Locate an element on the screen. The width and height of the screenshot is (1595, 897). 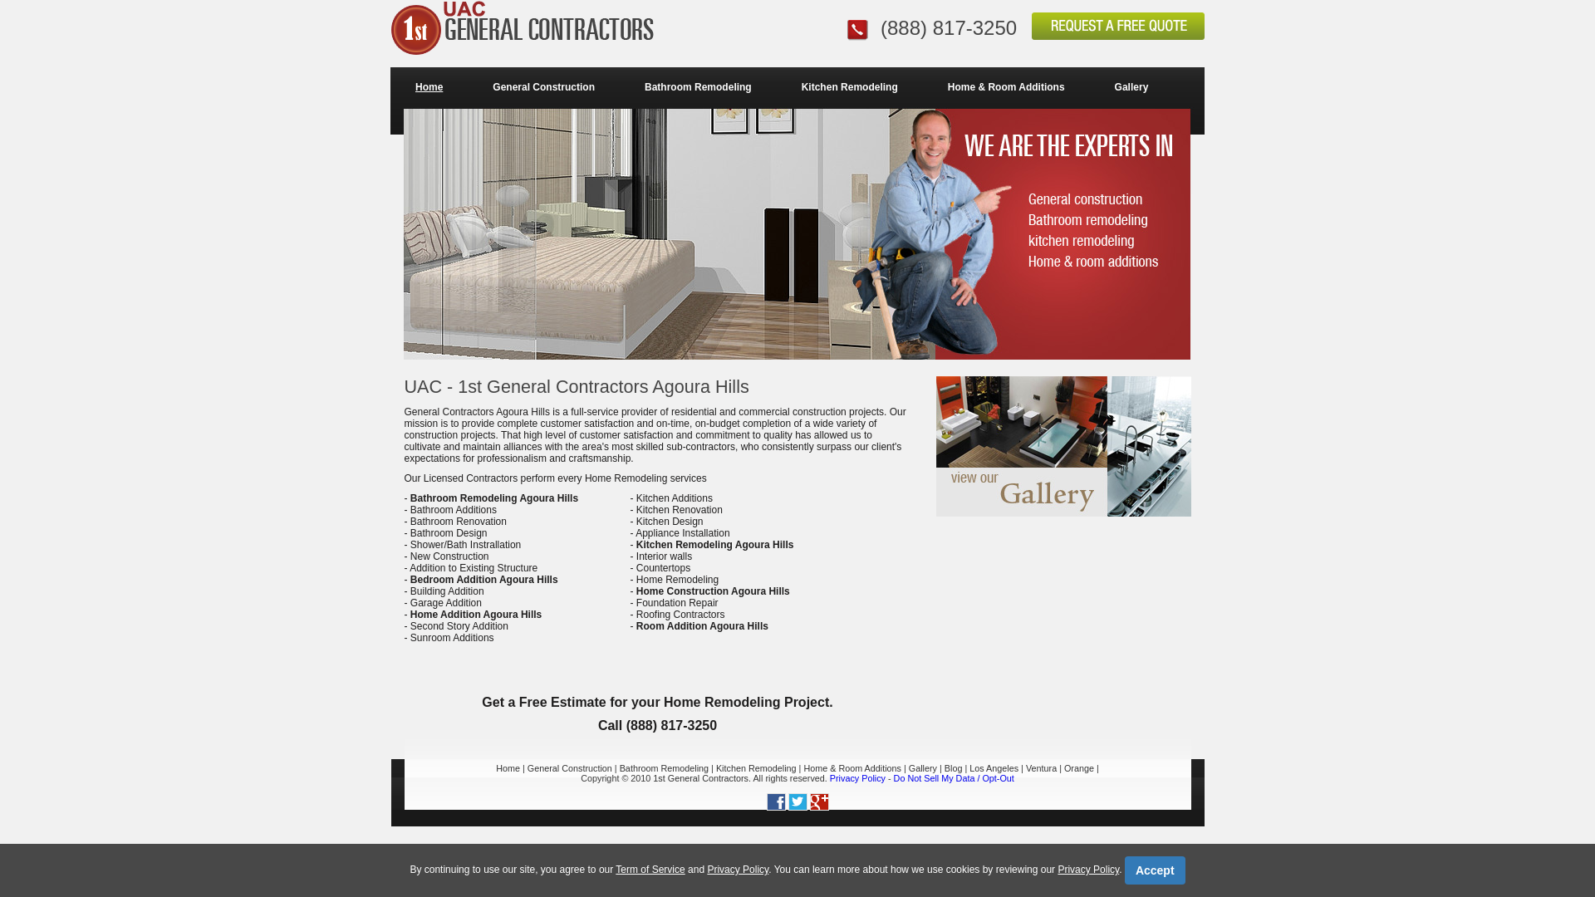
'General Construction' is located at coordinates (570, 768).